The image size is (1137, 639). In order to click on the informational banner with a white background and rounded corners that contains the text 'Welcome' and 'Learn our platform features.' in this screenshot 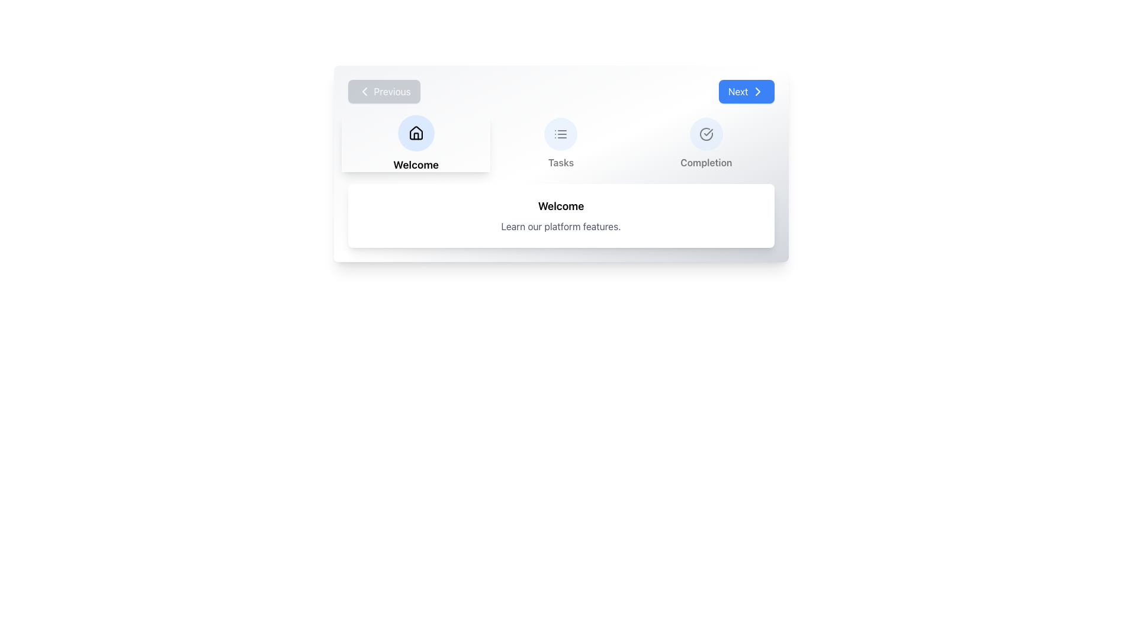, I will do `click(560, 216)`.